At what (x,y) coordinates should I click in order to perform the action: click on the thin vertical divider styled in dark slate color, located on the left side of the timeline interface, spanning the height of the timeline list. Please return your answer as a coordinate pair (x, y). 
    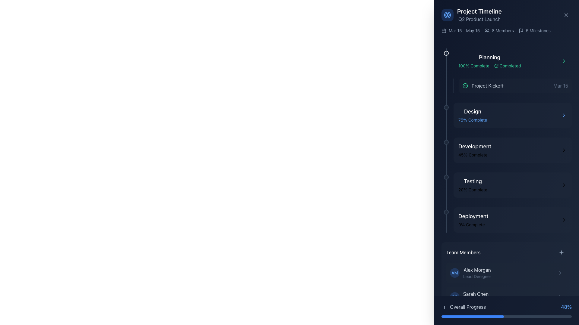
    Looking at the image, I should click on (447, 140).